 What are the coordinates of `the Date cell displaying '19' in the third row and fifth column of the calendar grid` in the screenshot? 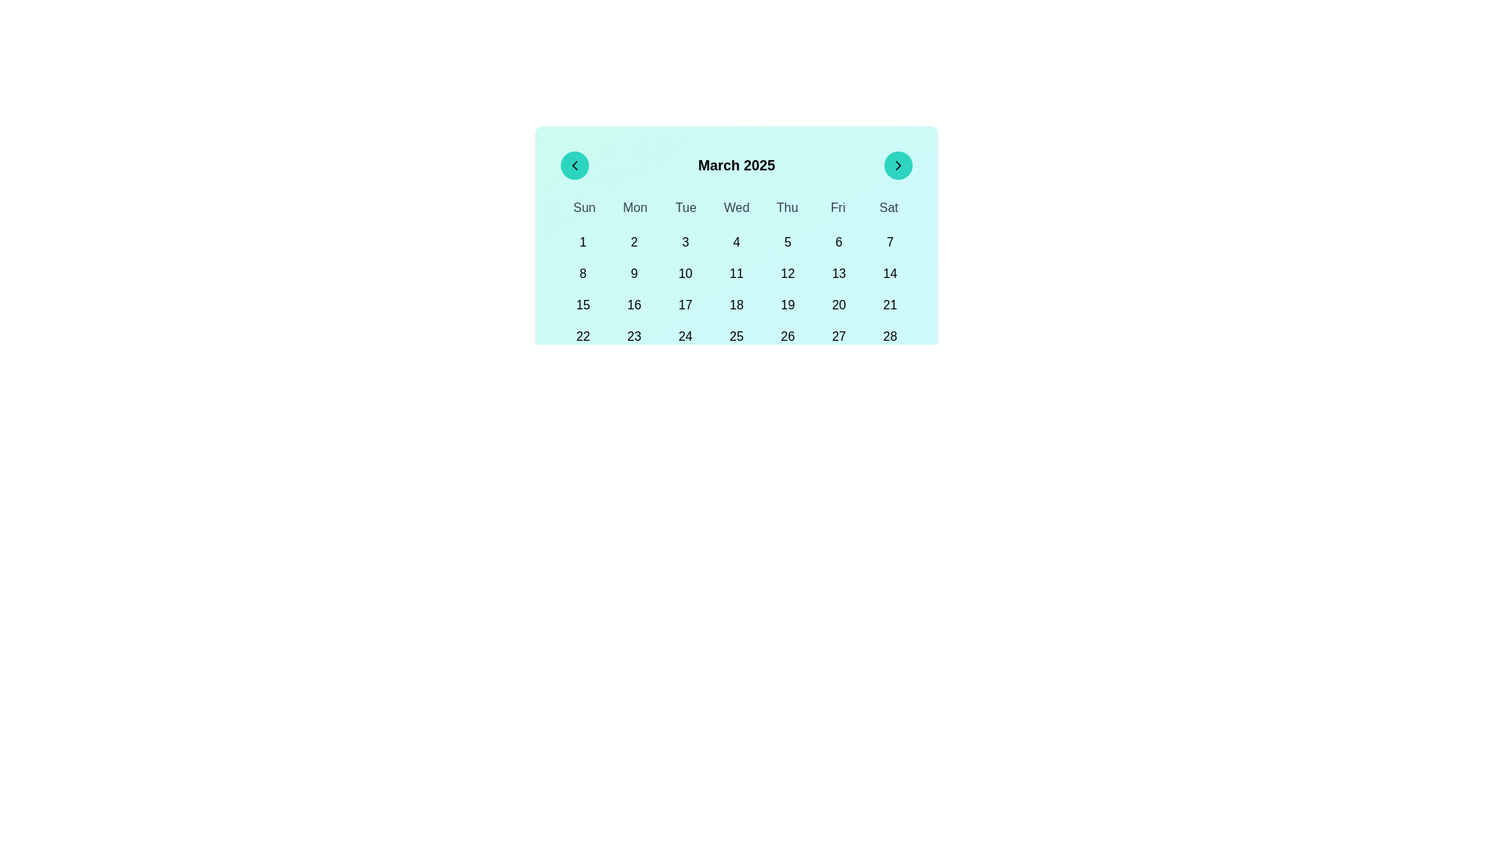 It's located at (788, 305).